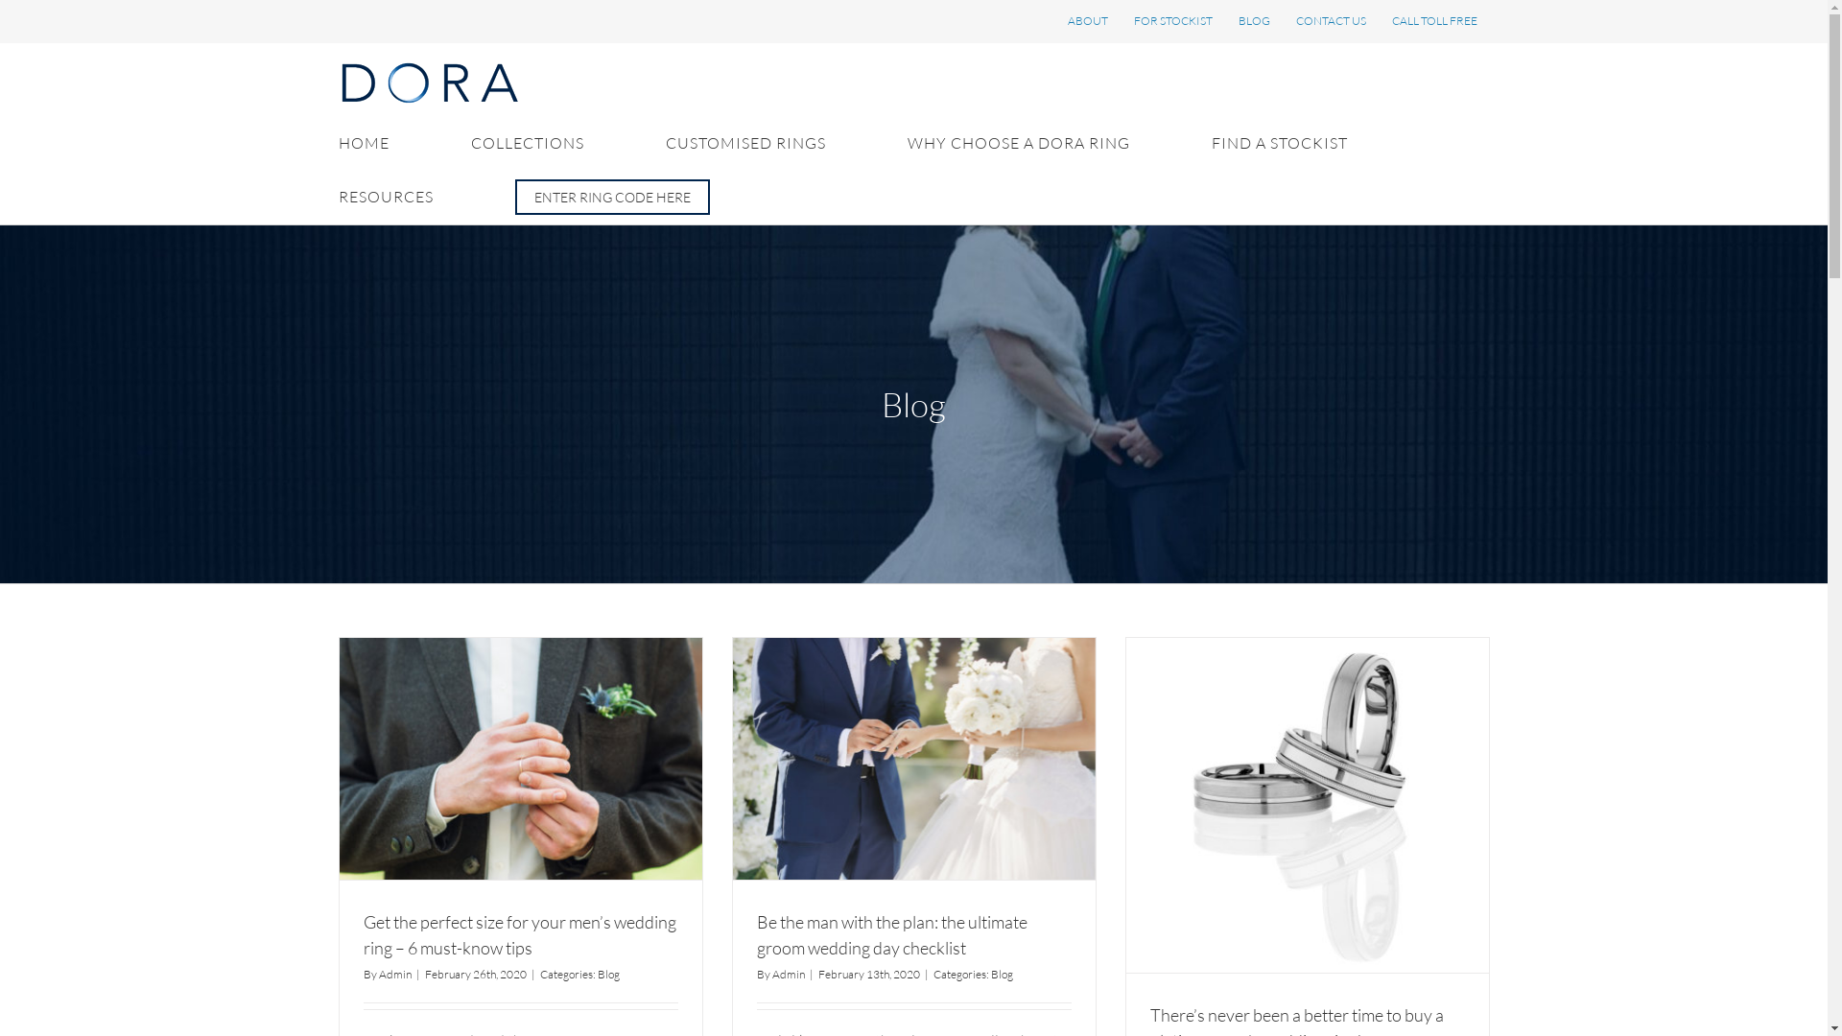 The image size is (1842, 1036). Describe the element at coordinates (337, 142) in the screenshot. I see `'HOME'` at that location.